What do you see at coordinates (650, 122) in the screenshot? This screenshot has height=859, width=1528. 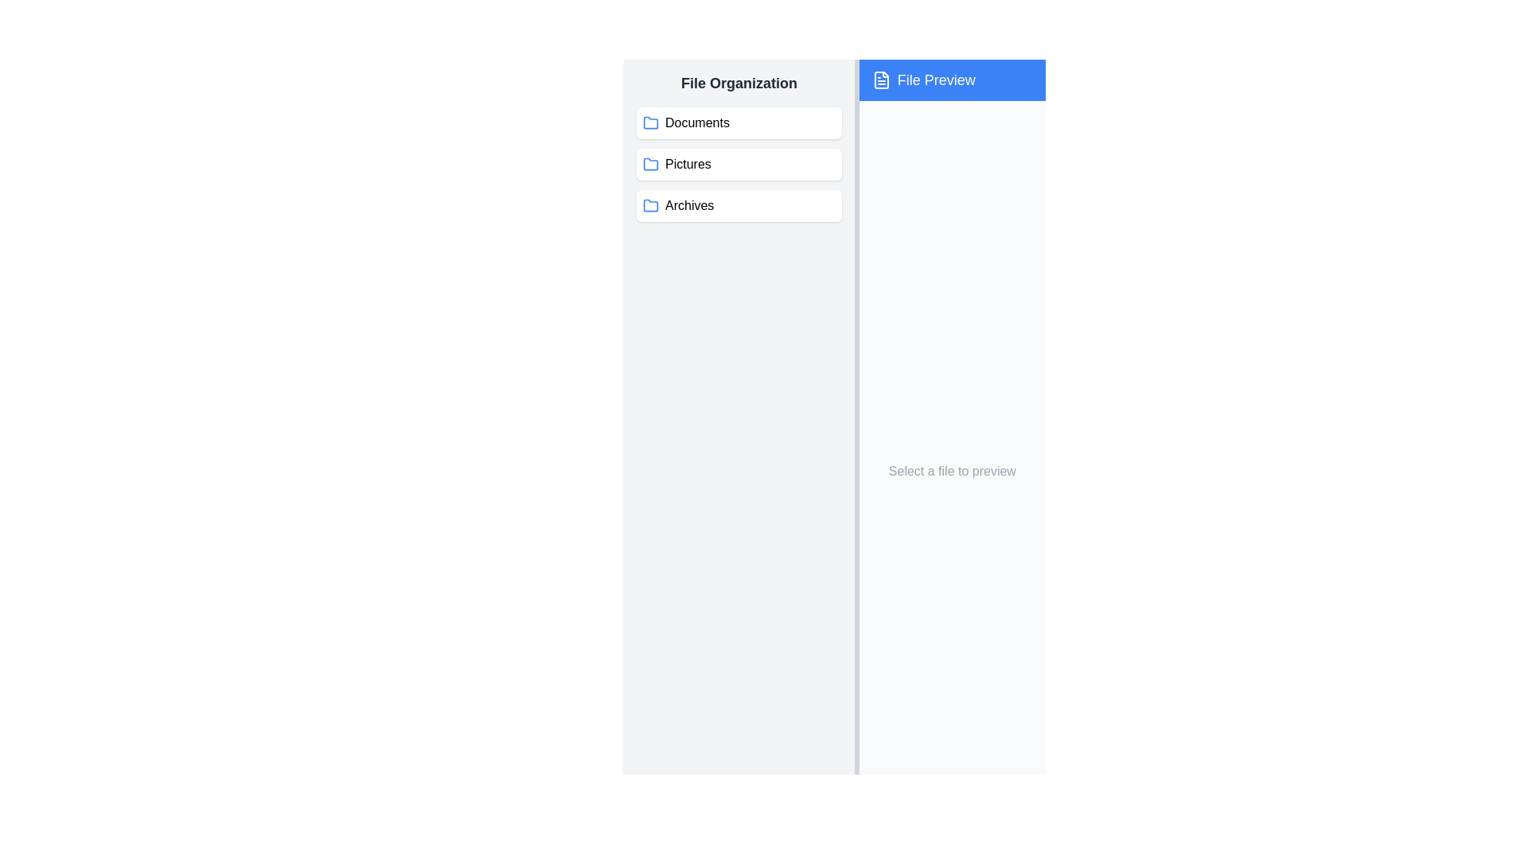 I see `the blue folder icon located to the left of the 'Documents' label within the first entry of the vertical list of folder buttons` at bounding box center [650, 122].